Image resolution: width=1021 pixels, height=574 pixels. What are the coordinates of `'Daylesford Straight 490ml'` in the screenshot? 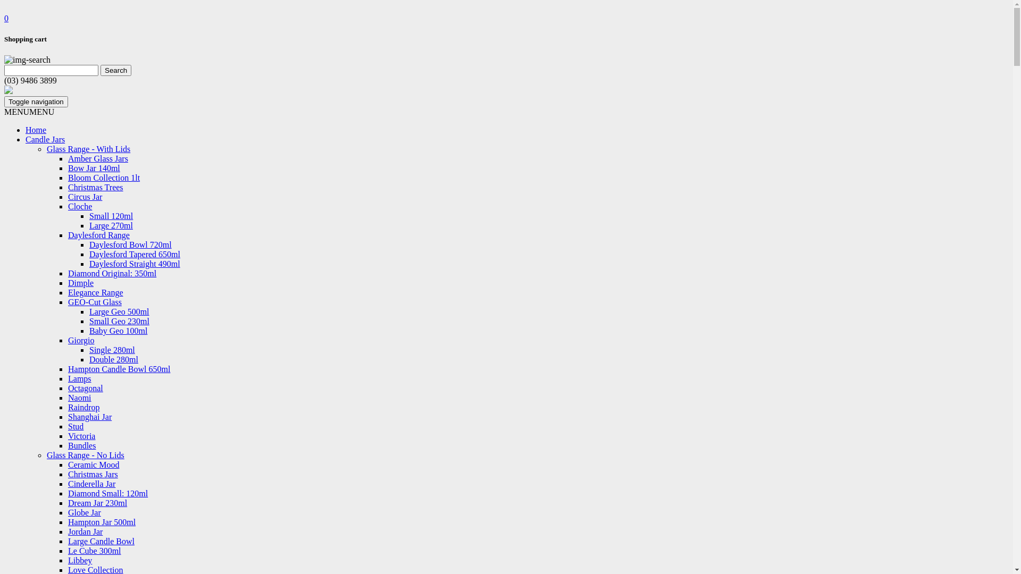 It's located at (134, 263).